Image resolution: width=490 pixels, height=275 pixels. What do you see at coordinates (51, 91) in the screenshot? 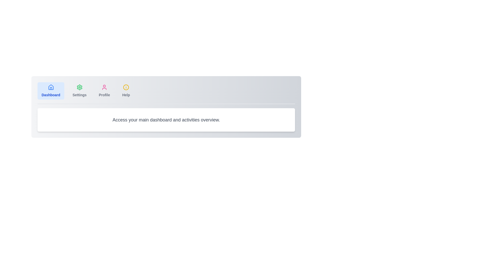
I see `the tab labeled Dashboard to inspect its tooltip or hover effect` at bounding box center [51, 91].